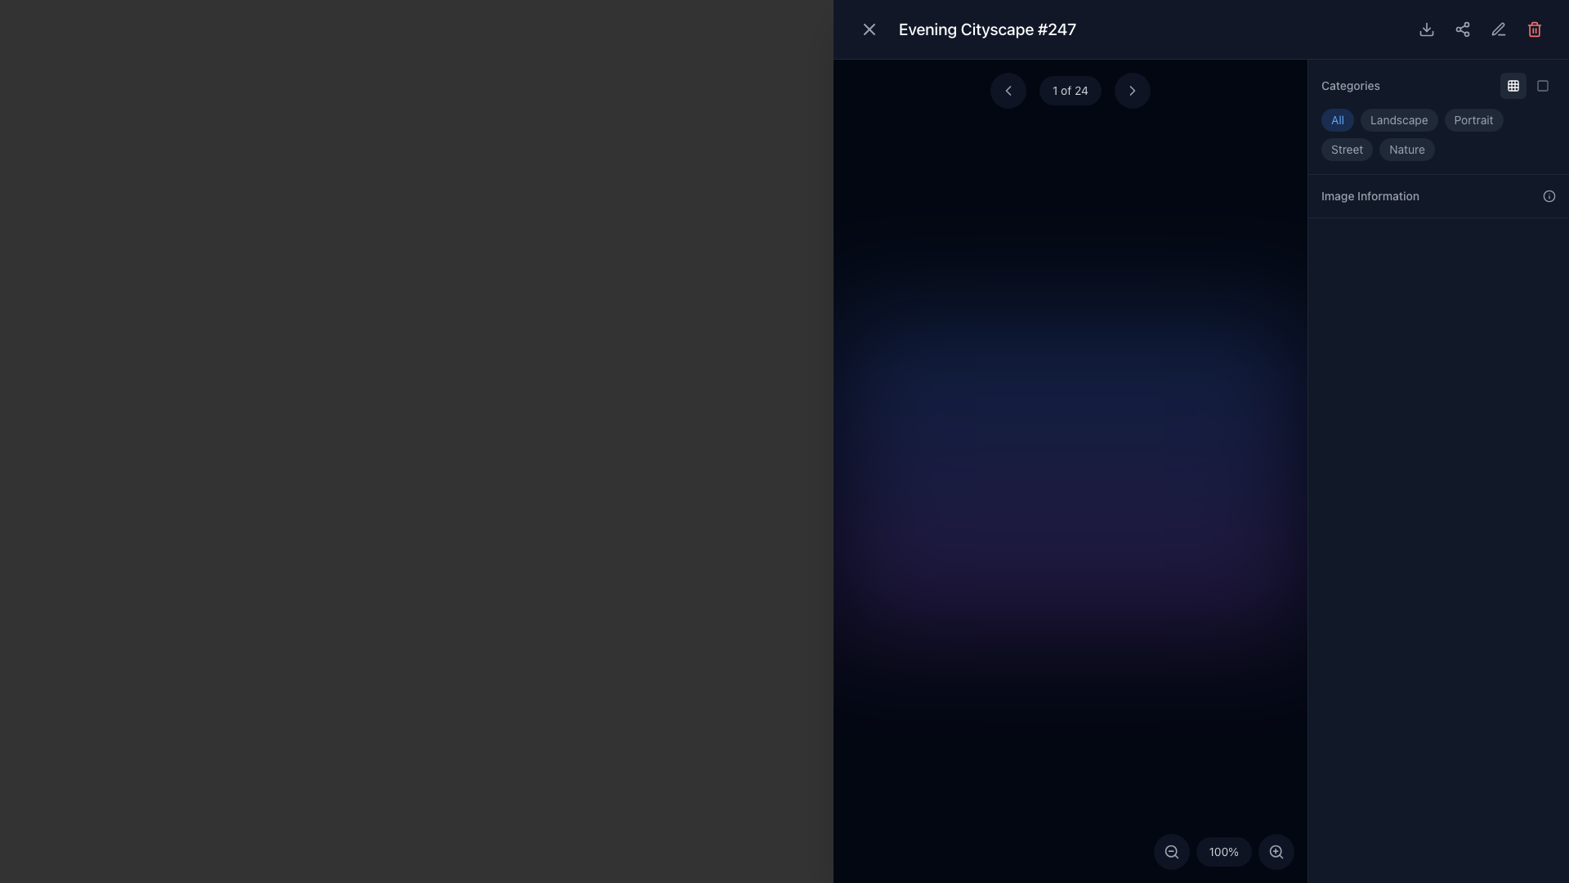 This screenshot has width=1569, height=883. What do you see at coordinates (1275, 850) in the screenshot?
I see `the circular SVG element that is part of the zoom-in icon, located at the bottom-right corner of the interface` at bounding box center [1275, 850].